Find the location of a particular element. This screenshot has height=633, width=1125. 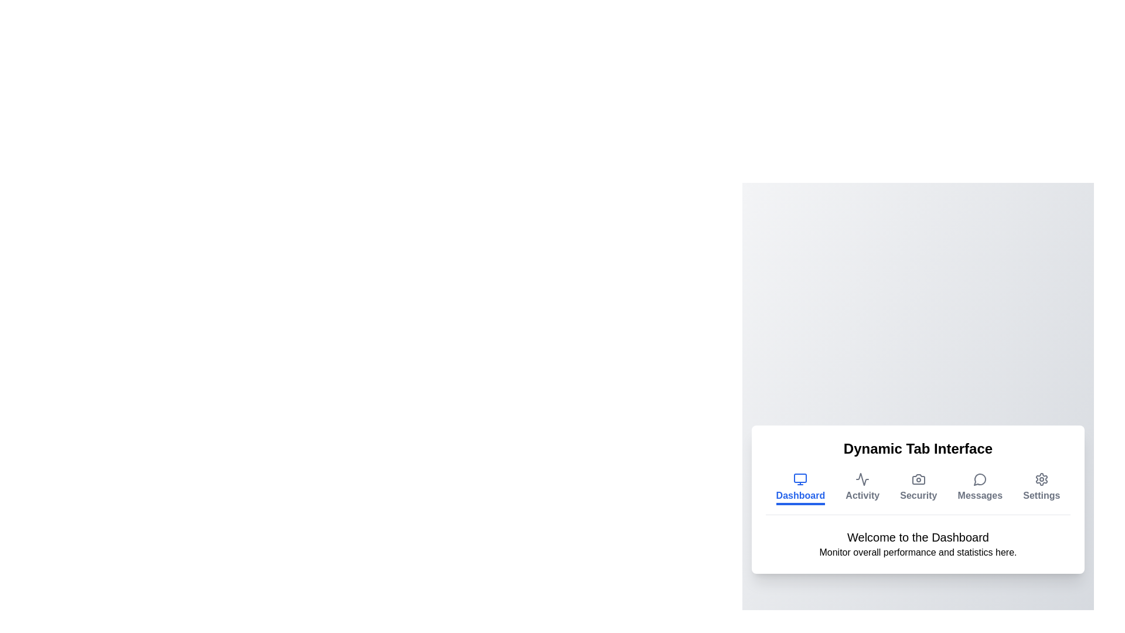

the camera icon located in the bottom navigation bar of the 'Security' tab group, which is styled with rounded edges and a minimalist design is located at coordinates (918, 479).